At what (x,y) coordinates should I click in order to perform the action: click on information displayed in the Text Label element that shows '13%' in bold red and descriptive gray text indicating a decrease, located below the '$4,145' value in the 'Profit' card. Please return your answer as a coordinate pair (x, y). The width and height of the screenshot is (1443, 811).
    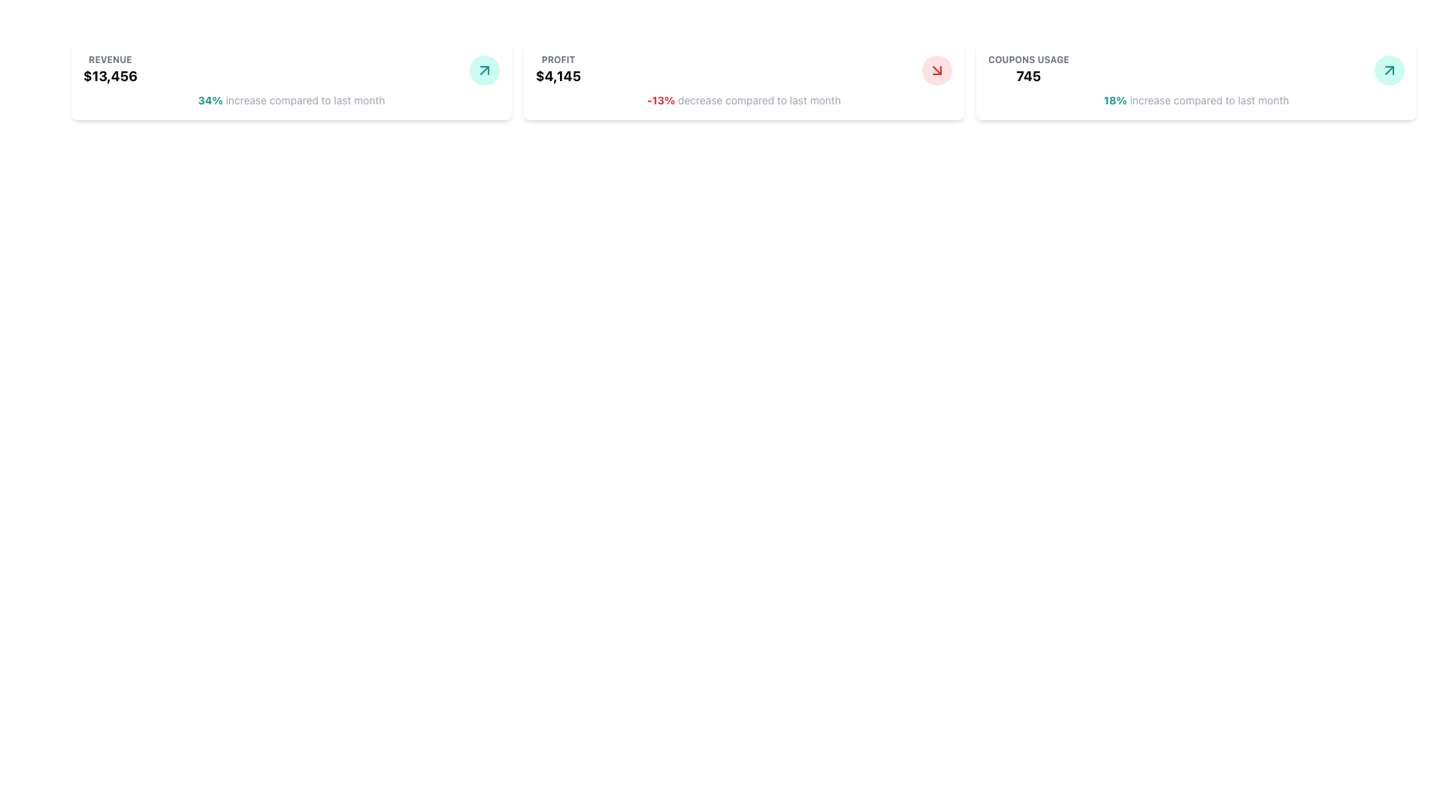
    Looking at the image, I should click on (743, 101).